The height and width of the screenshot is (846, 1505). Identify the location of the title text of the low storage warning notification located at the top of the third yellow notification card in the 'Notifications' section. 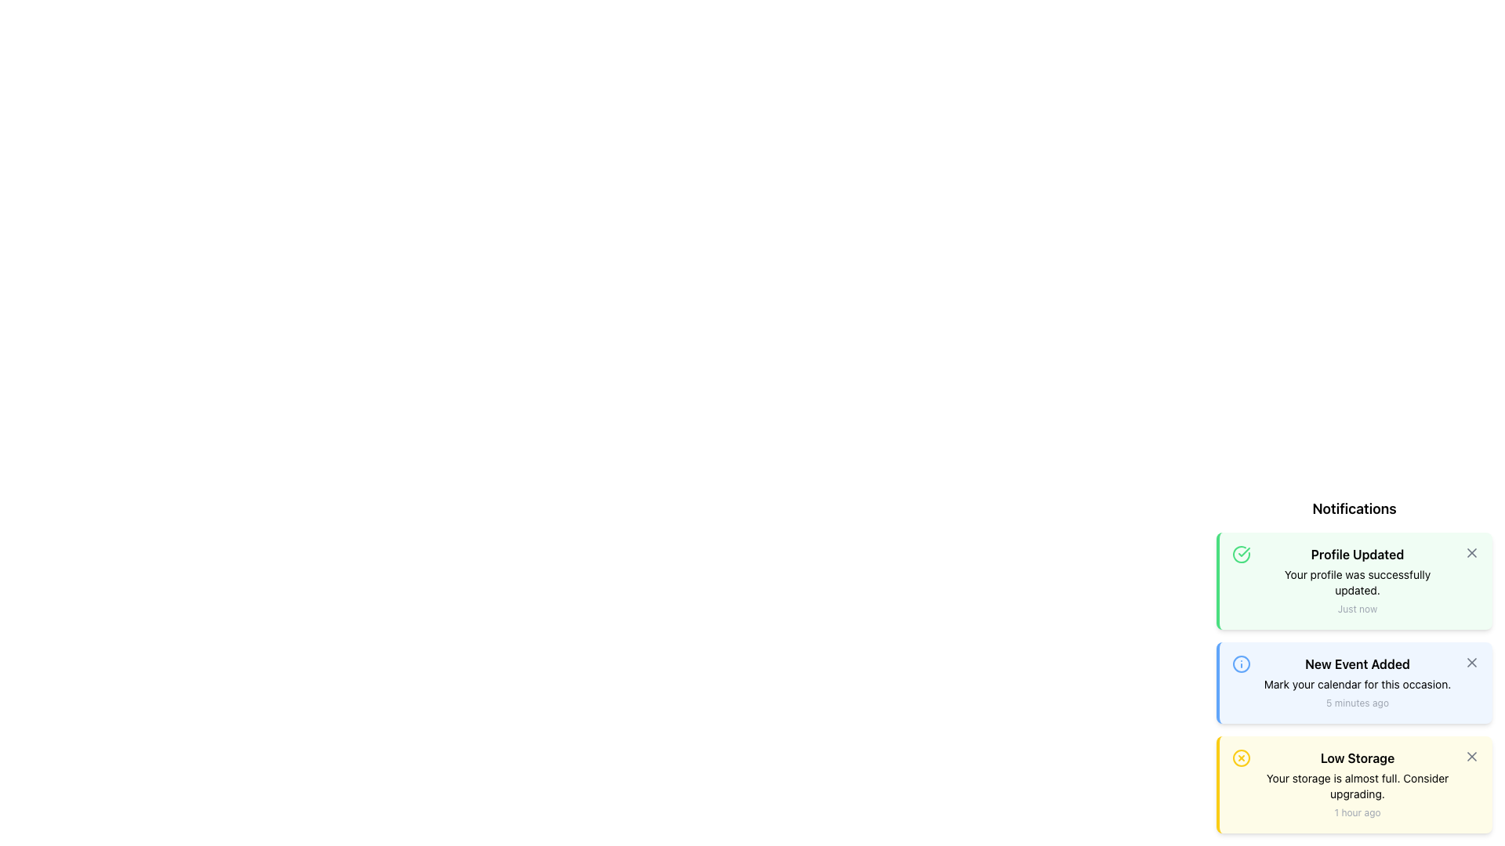
(1357, 757).